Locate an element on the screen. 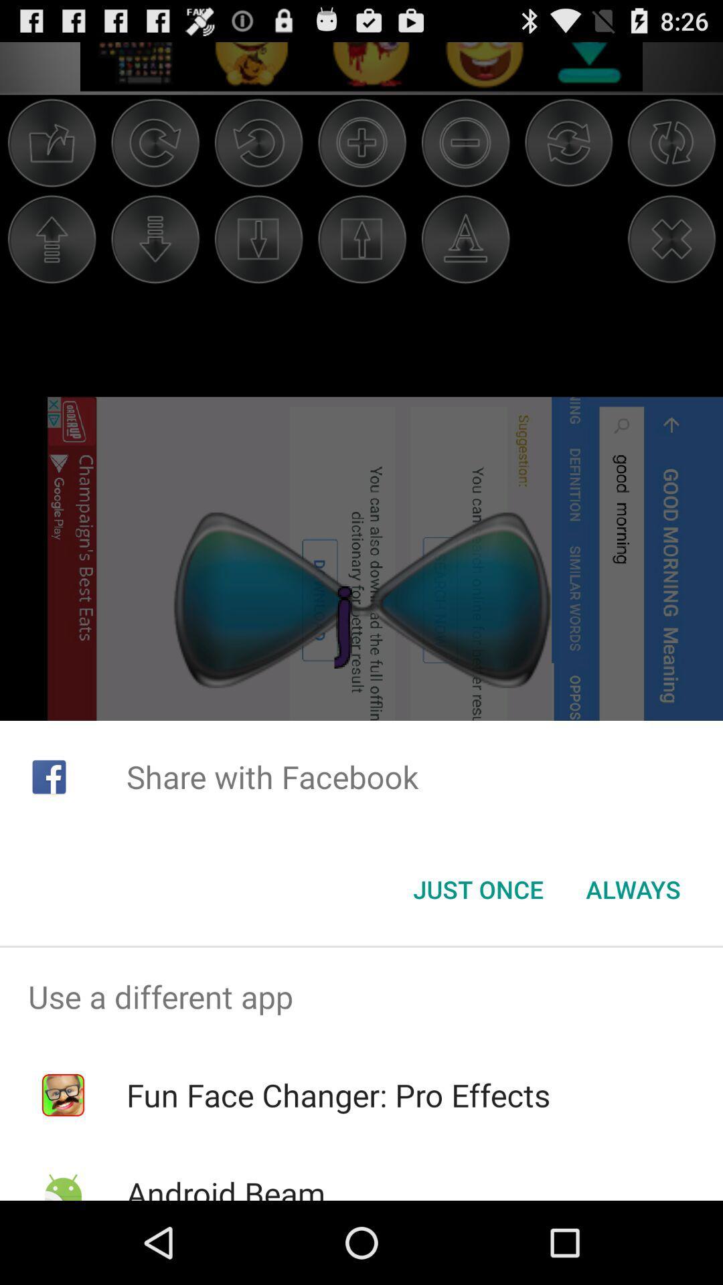  button to the right of the just once button is located at coordinates (633, 889).